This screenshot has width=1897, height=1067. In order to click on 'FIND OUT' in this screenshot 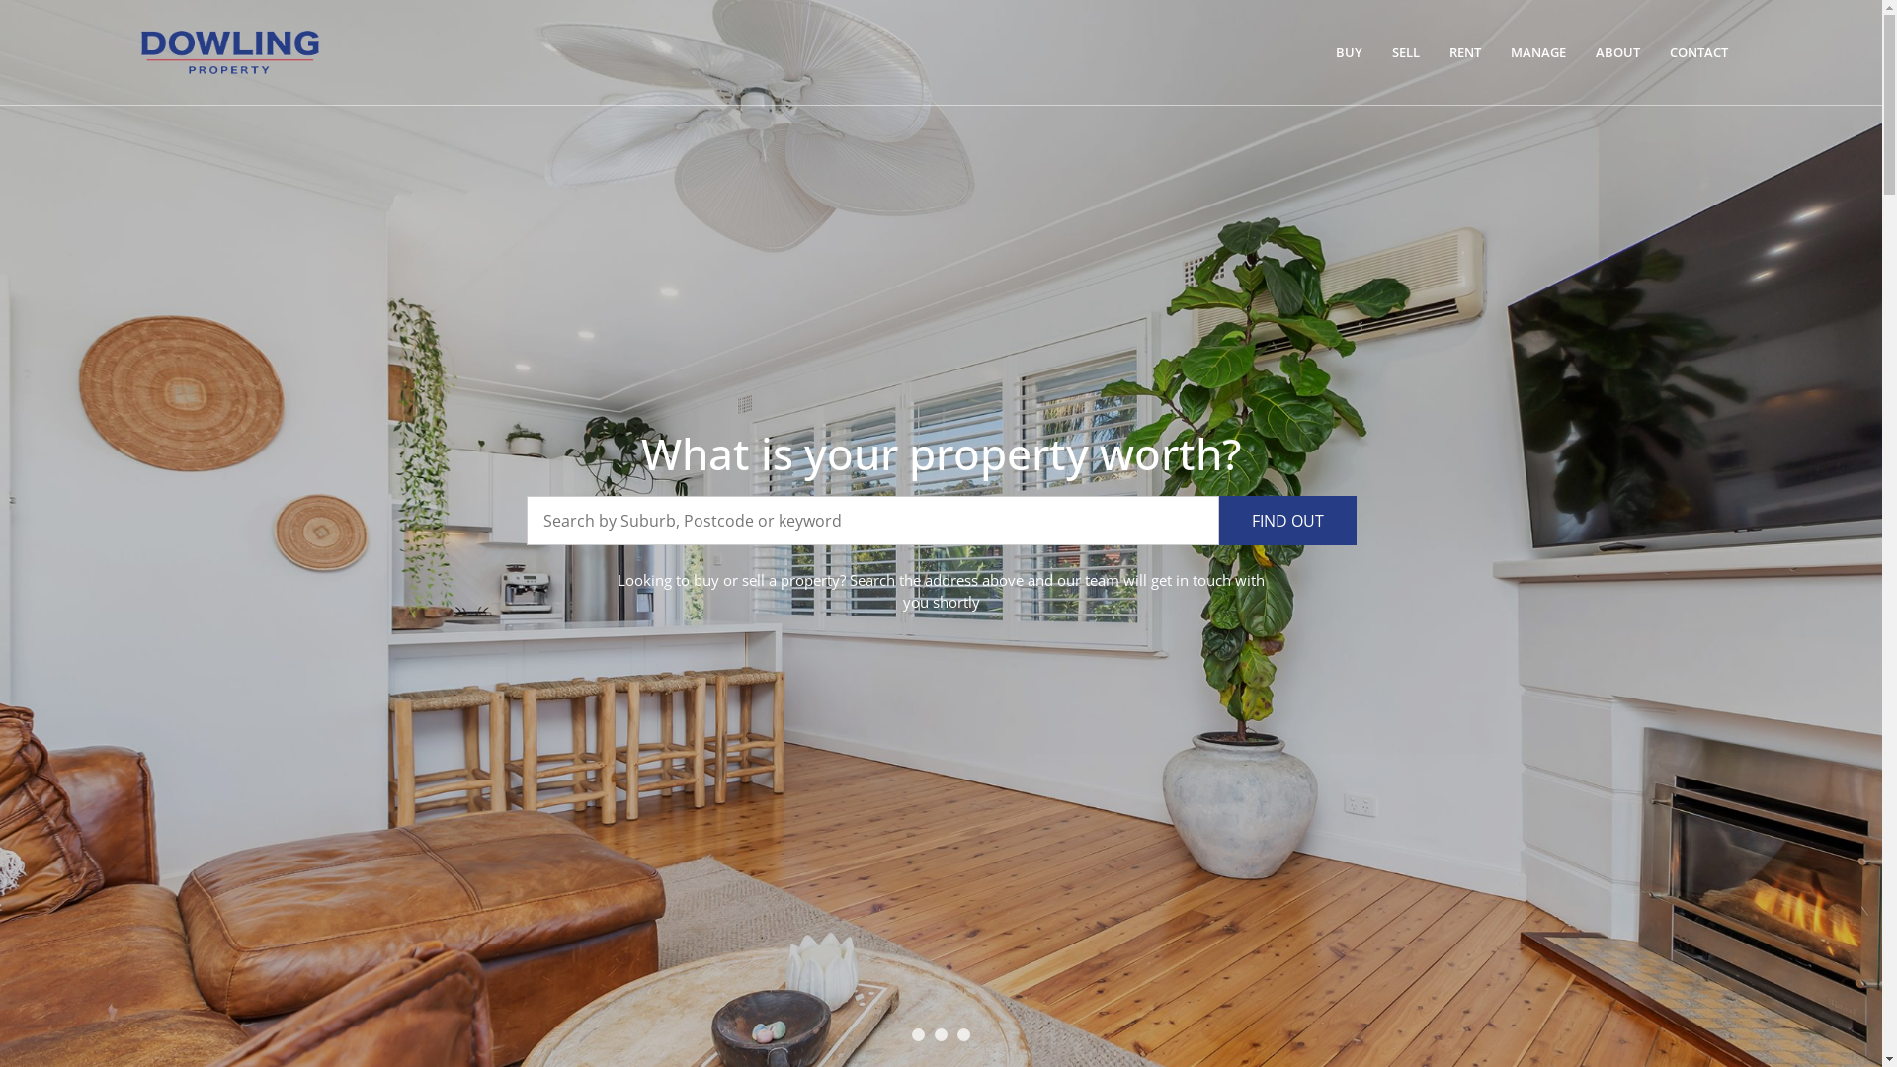, I will do `click(1287, 520)`.